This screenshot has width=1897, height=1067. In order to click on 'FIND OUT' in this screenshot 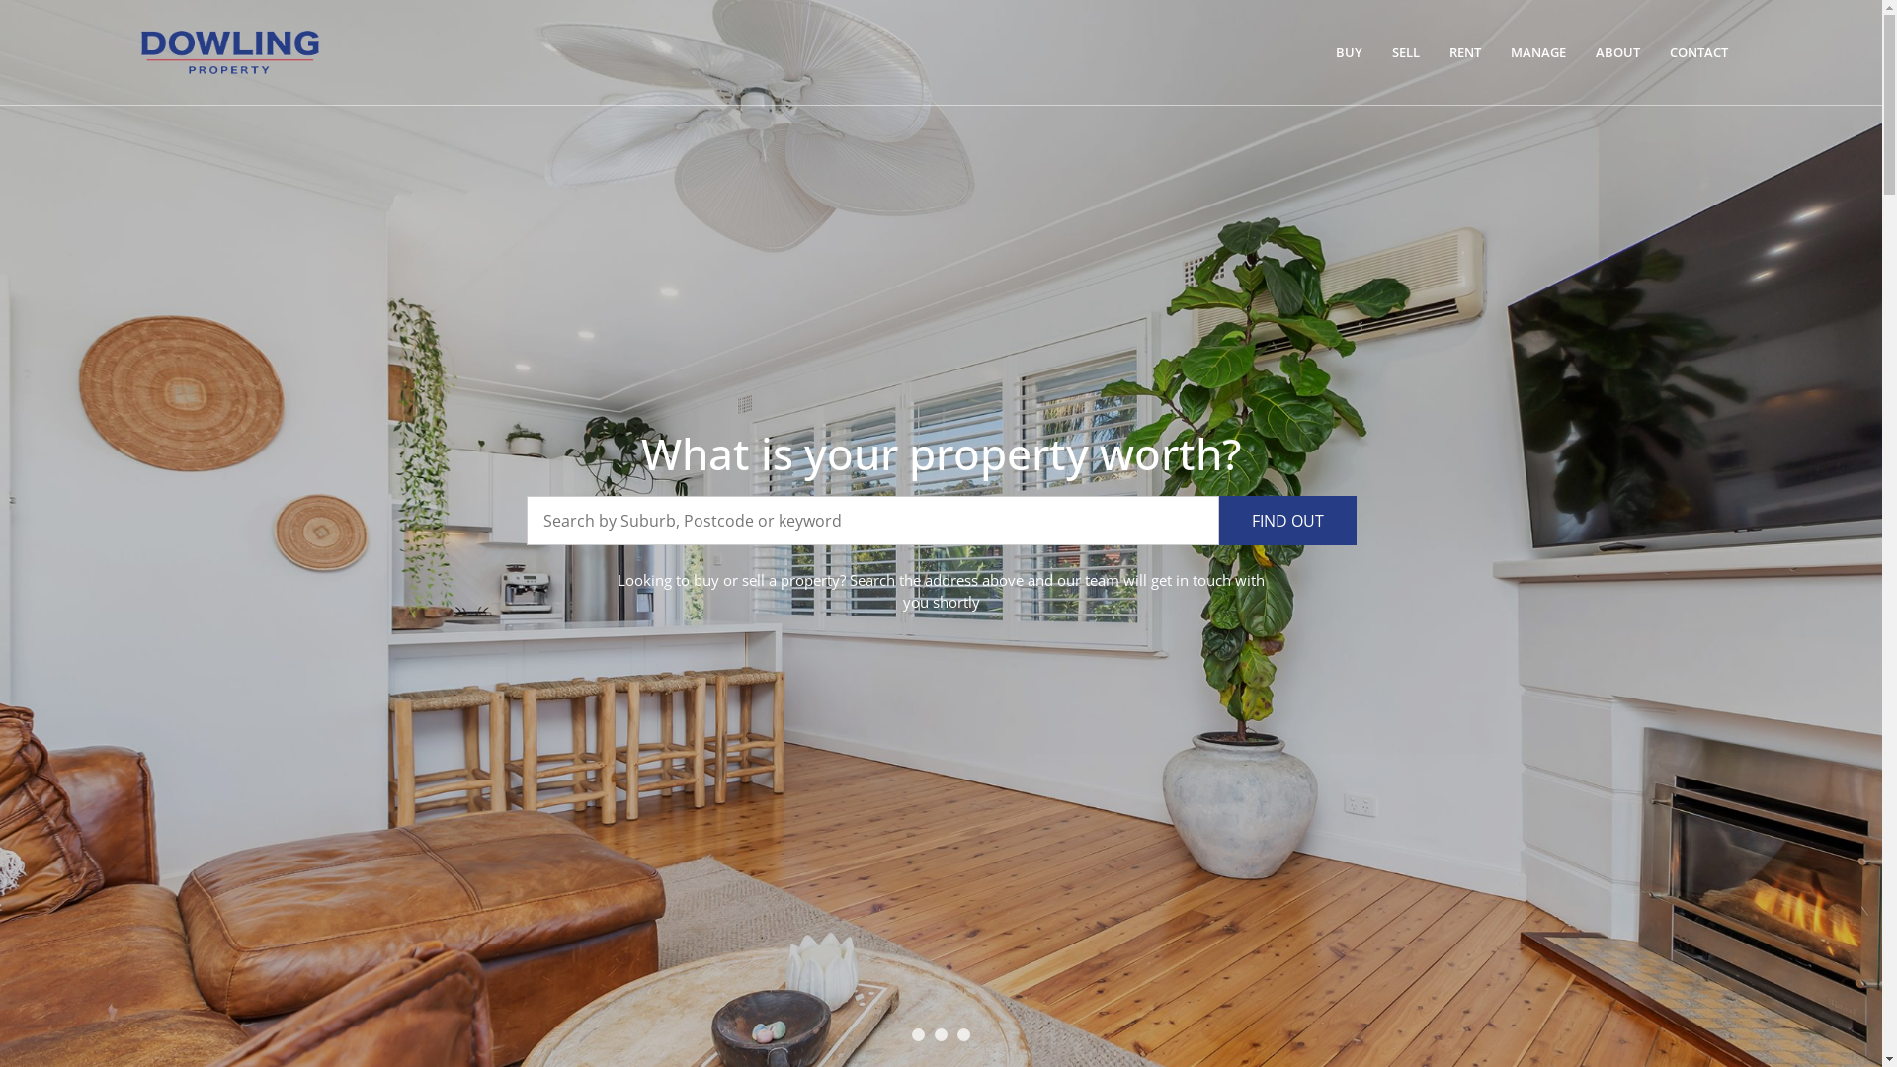, I will do `click(1287, 520)`.